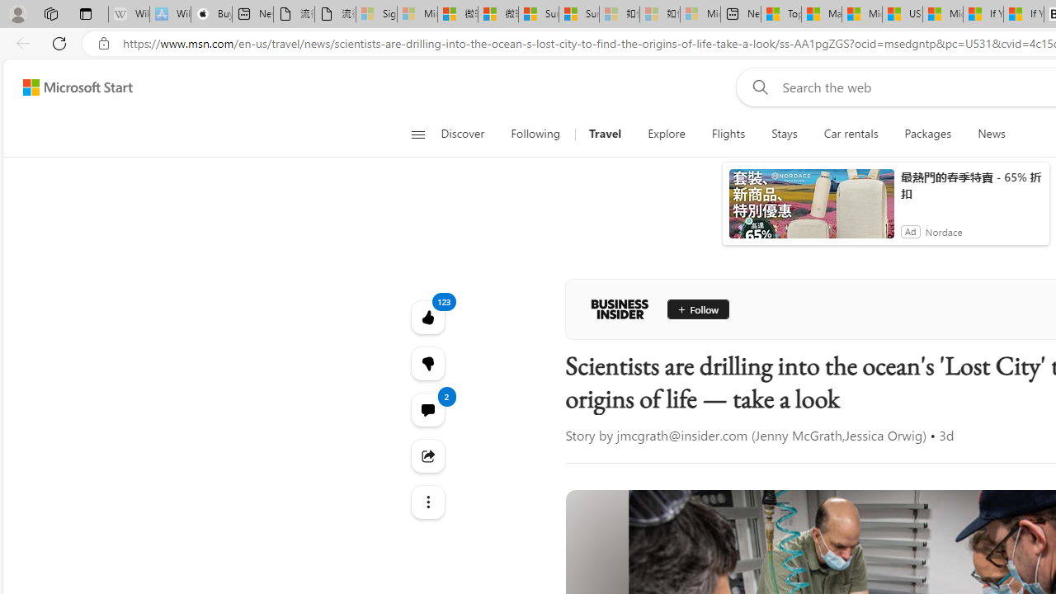 This screenshot has height=594, width=1056. I want to click on 'Explore', so click(666, 134).